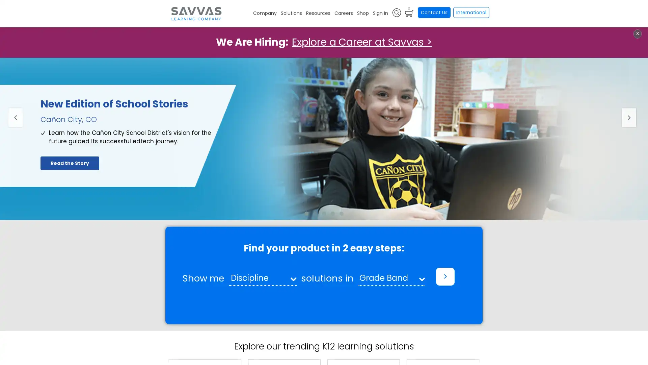 Image resolution: width=648 pixels, height=365 pixels. Describe the element at coordinates (445, 276) in the screenshot. I see `>` at that location.